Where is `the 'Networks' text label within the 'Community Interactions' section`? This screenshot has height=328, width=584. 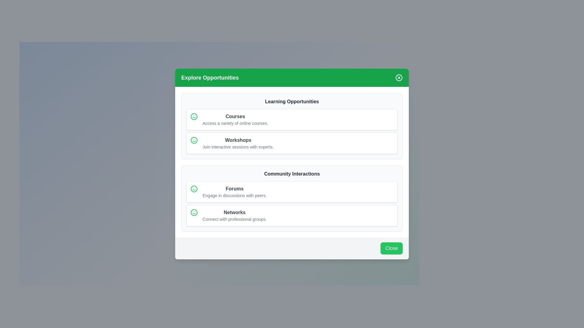
the 'Networks' text label within the 'Community Interactions' section is located at coordinates (234, 215).